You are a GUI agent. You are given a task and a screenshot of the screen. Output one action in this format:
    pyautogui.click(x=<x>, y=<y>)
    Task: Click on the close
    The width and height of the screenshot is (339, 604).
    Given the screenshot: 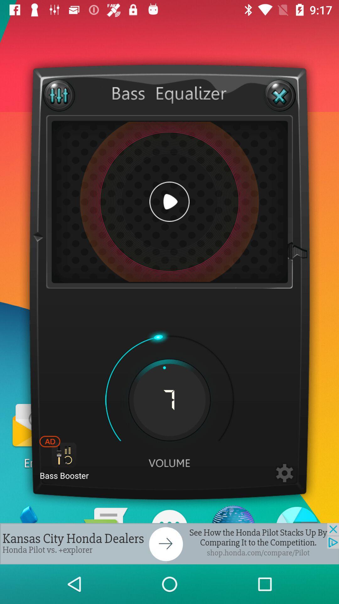 What is the action you would take?
    pyautogui.click(x=279, y=95)
    